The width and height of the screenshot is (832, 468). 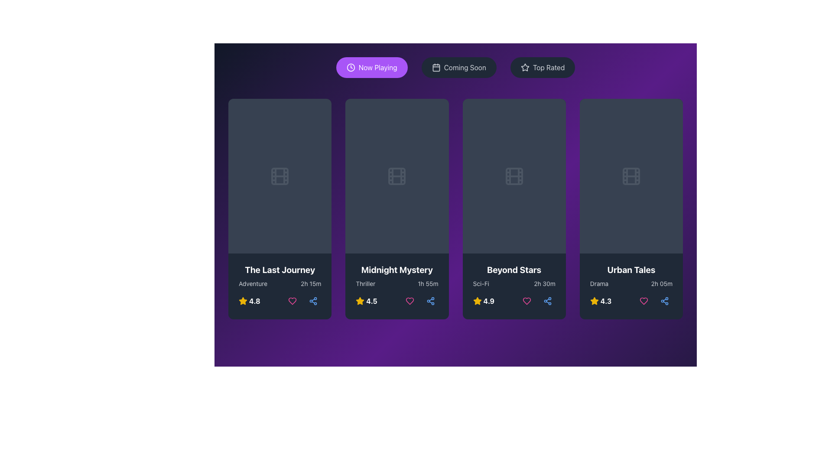 What do you see at coordinates (436, 67) in the screenshot?
I see `the 'Coming Soon' button which contains the calendar icon` at bounding box center [436, 67].